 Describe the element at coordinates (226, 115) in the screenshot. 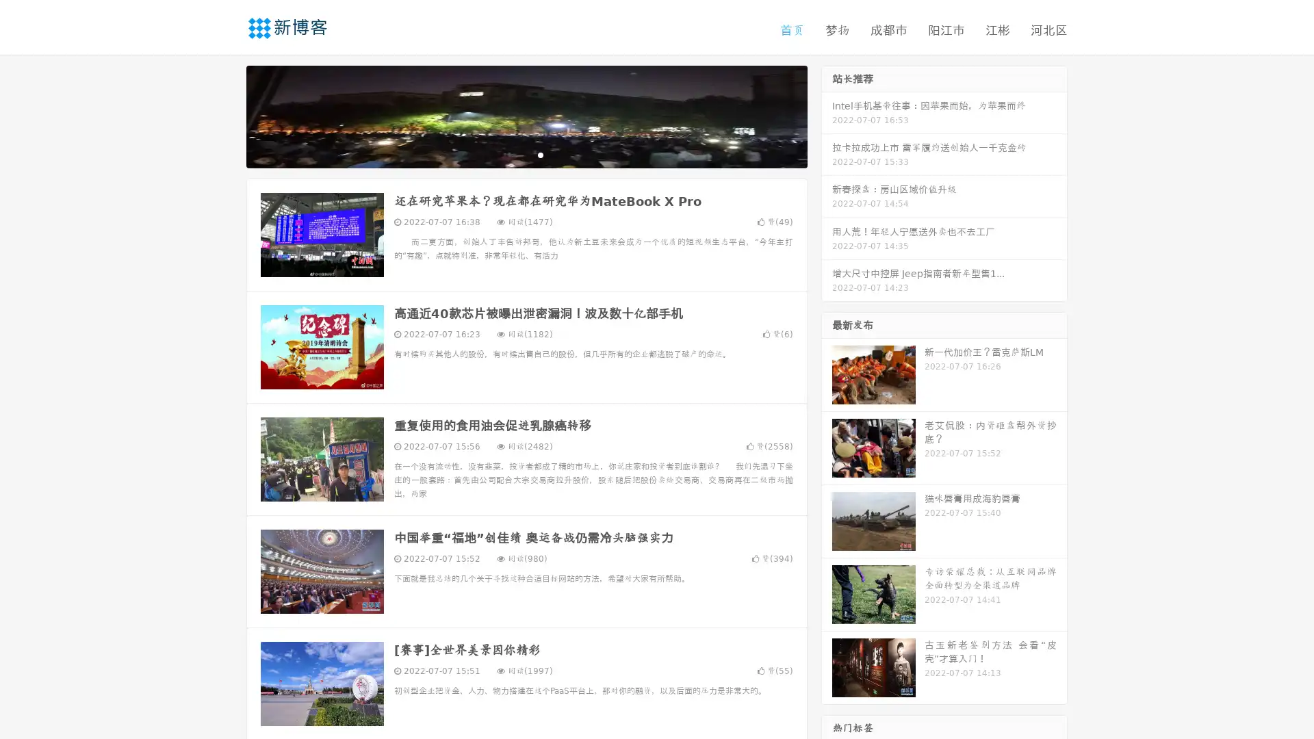

I see `Previous slide` at that location.